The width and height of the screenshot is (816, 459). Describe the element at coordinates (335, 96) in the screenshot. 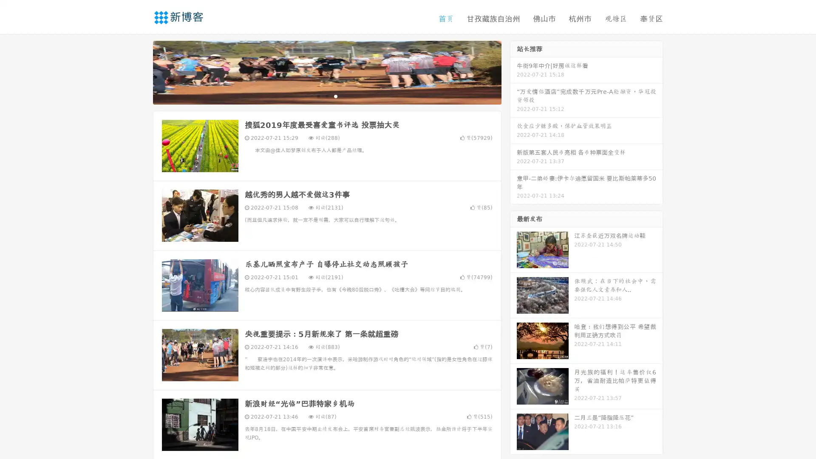

I see `Go to slide 3` at that location.